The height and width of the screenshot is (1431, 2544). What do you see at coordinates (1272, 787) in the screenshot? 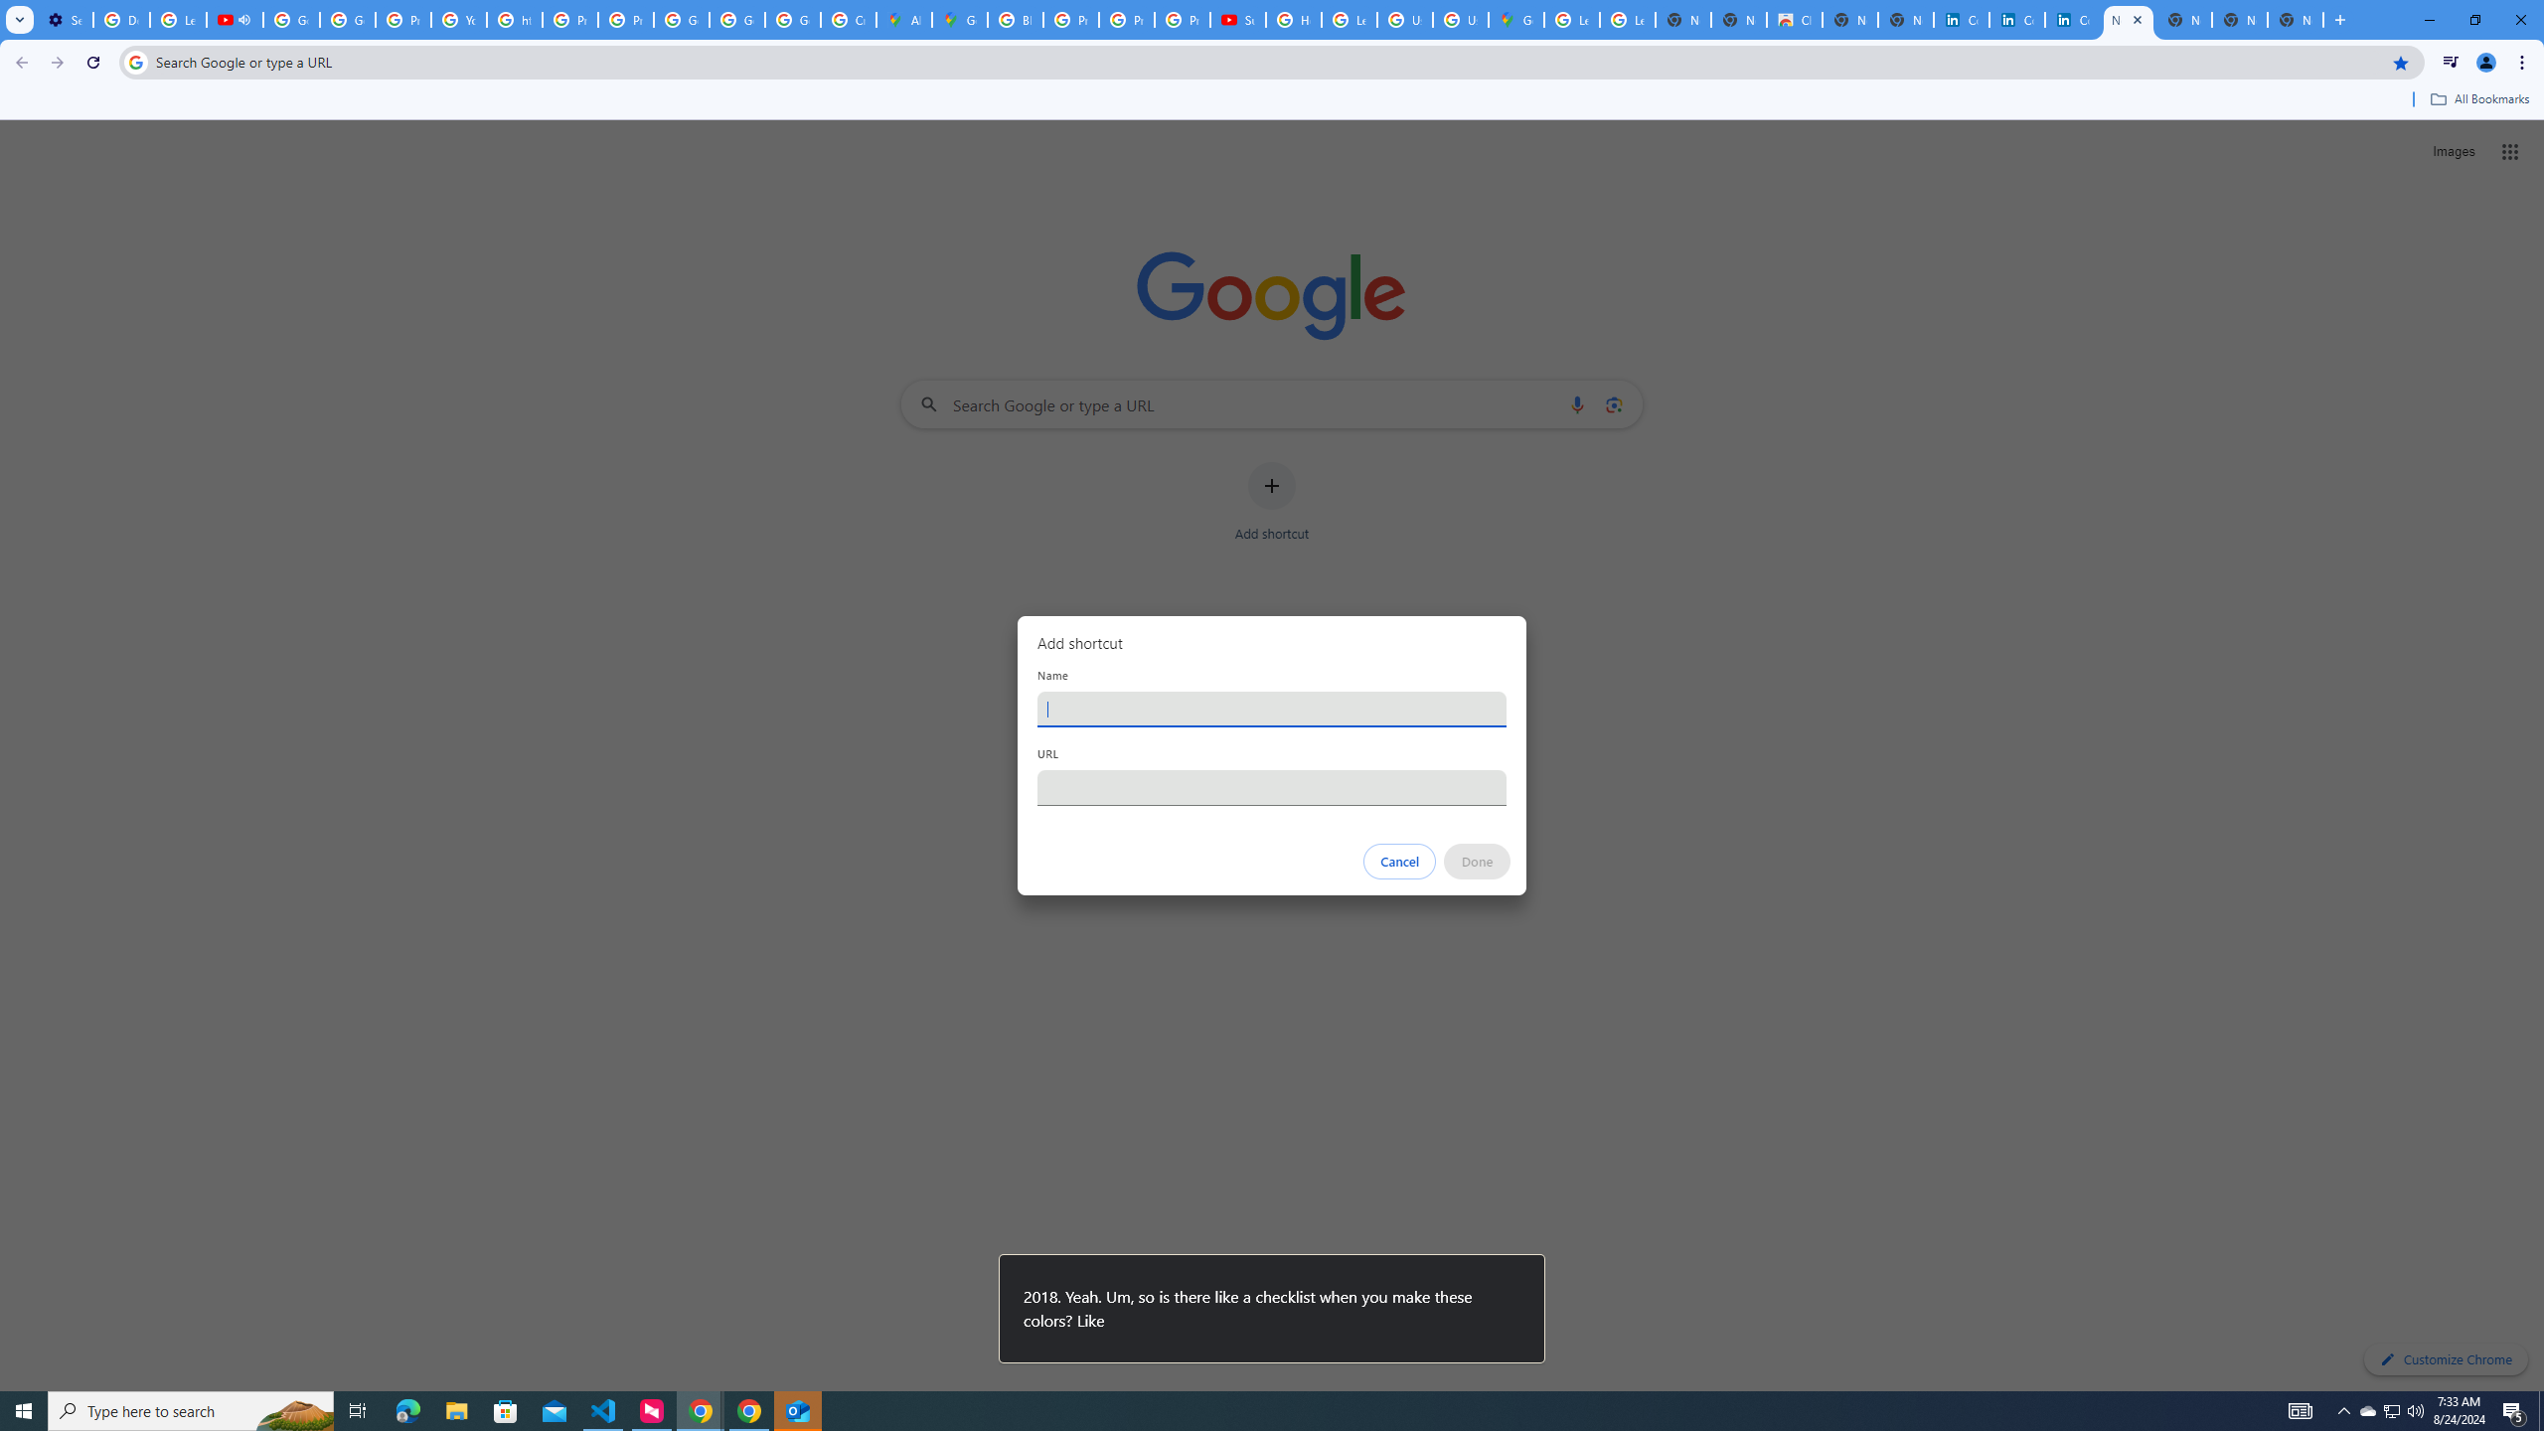
I see `'URL'` at bounding box center [1272, 787].